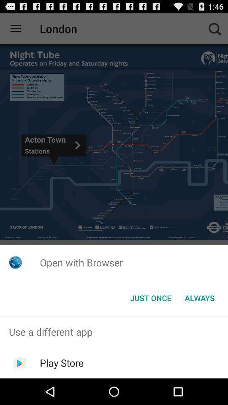 The width and height of the screenshot is (228, 405). I want to click on the item next to always item, so click(150, 298).